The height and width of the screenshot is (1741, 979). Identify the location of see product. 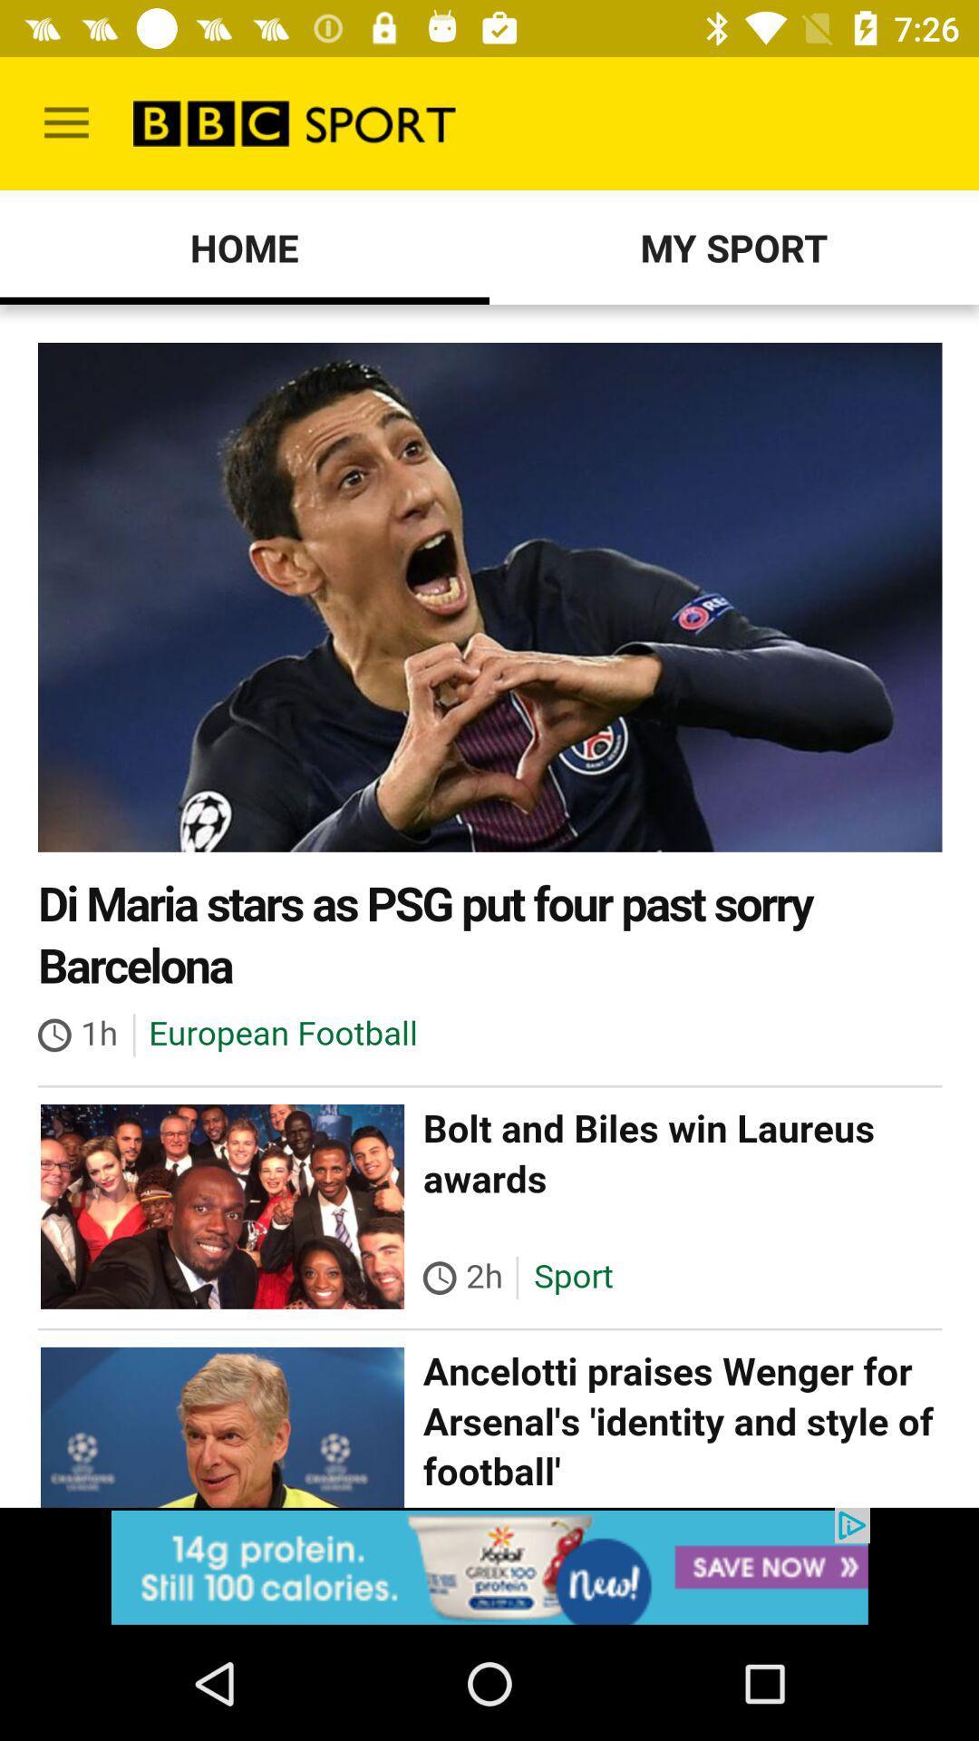
(489, 1566).